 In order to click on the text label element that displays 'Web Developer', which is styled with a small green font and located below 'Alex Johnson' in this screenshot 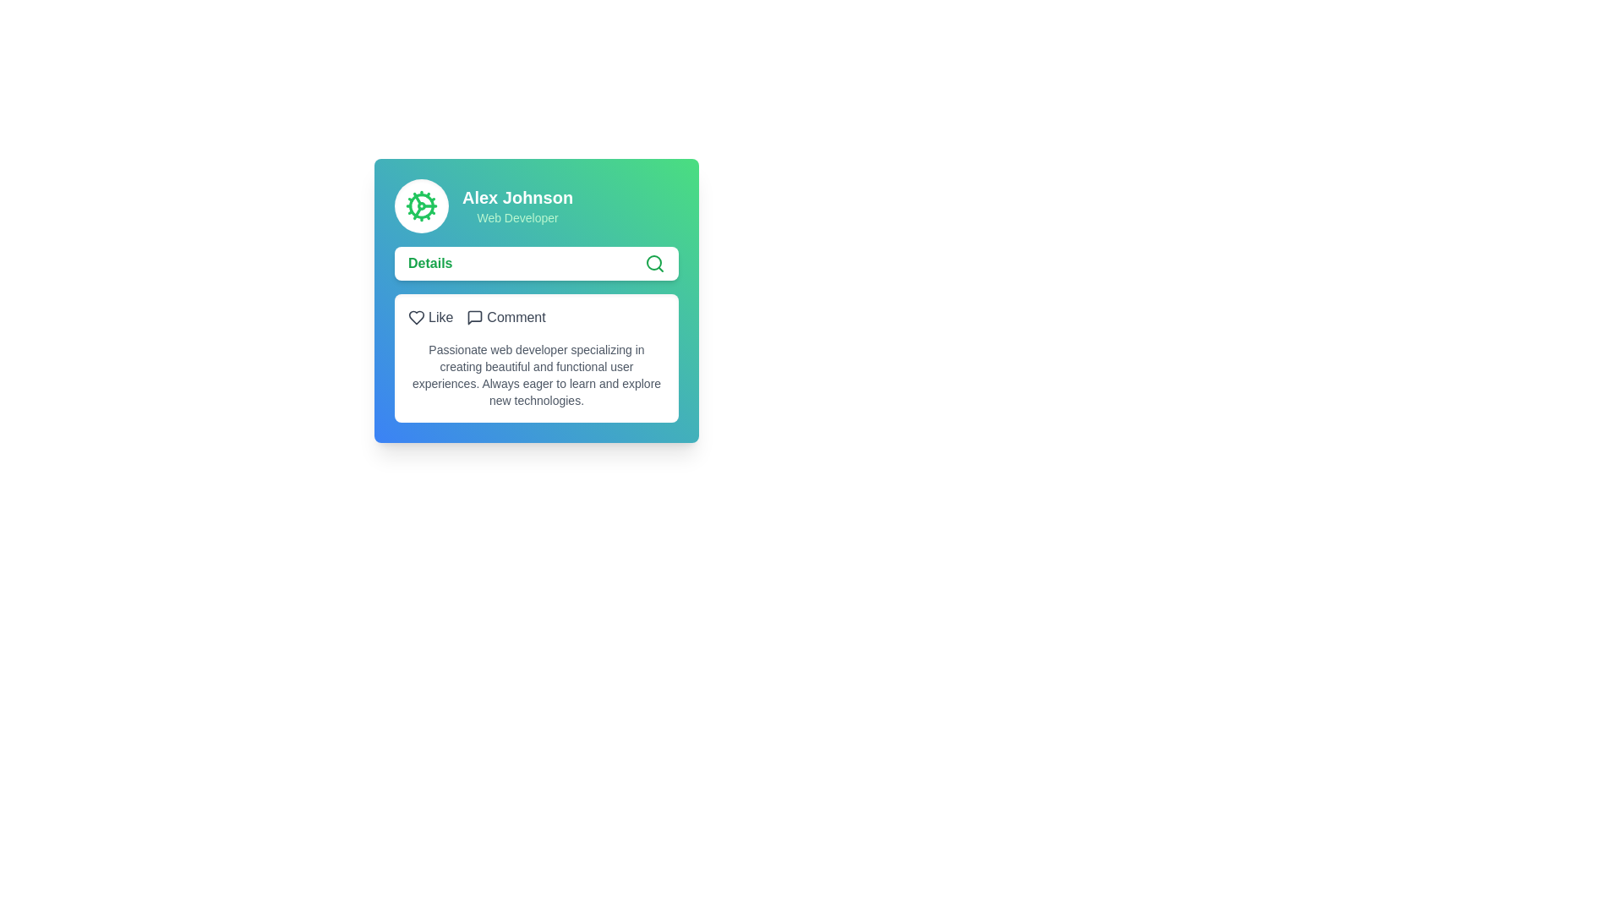, I will do `click(516, 217)`.